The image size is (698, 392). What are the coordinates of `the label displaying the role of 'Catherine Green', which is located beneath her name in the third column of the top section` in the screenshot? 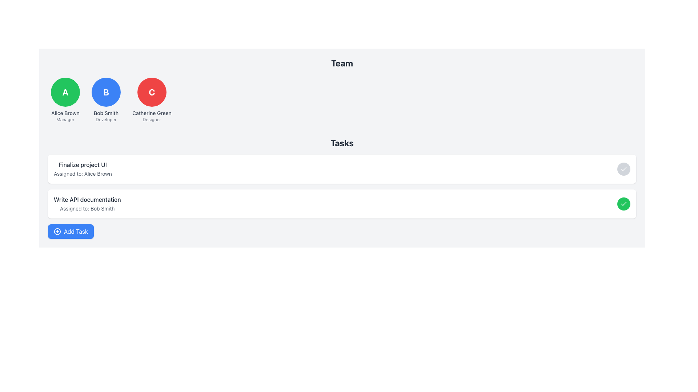 It's located at (151, 119).